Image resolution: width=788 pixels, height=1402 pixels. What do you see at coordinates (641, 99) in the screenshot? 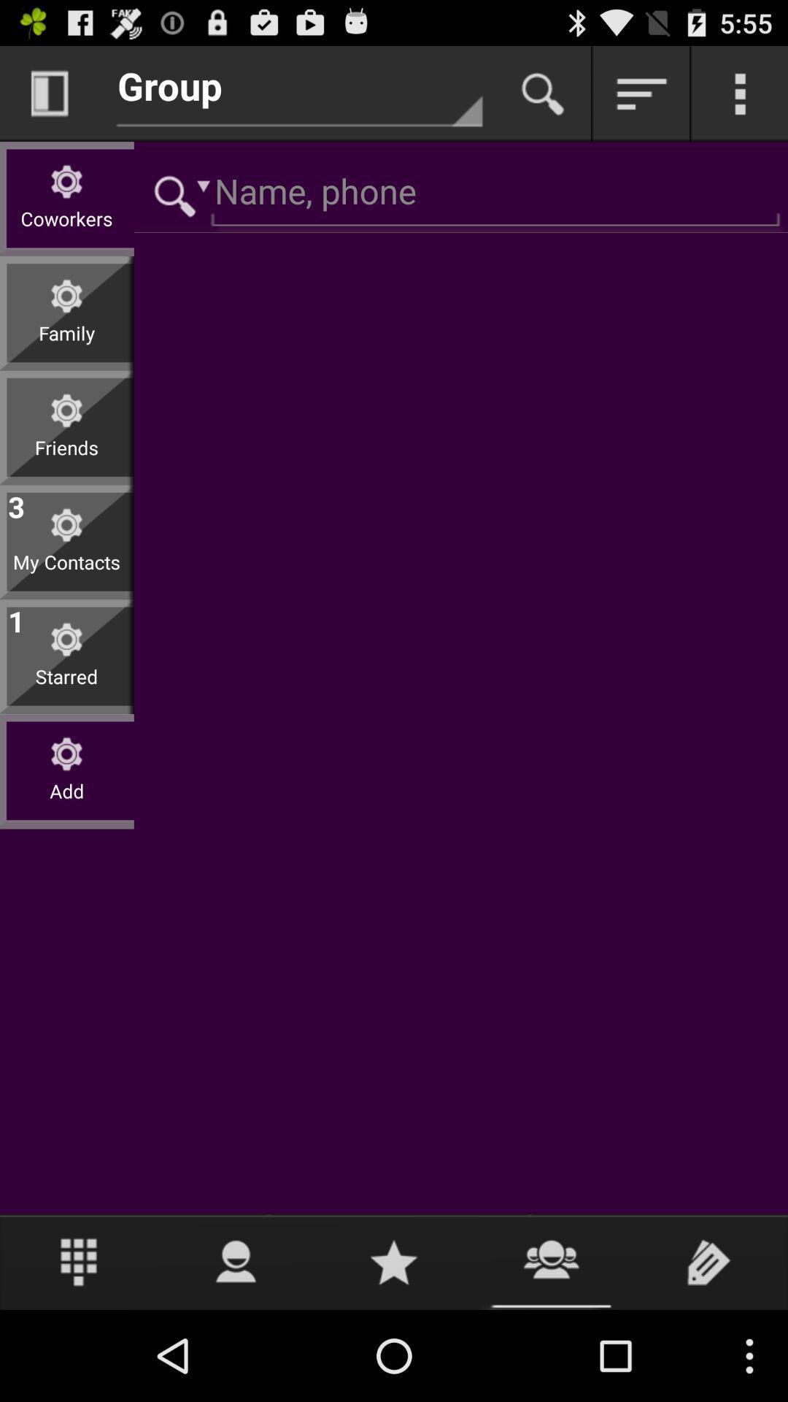
I see `the filter_list icon` at bounding box center [641, 99].